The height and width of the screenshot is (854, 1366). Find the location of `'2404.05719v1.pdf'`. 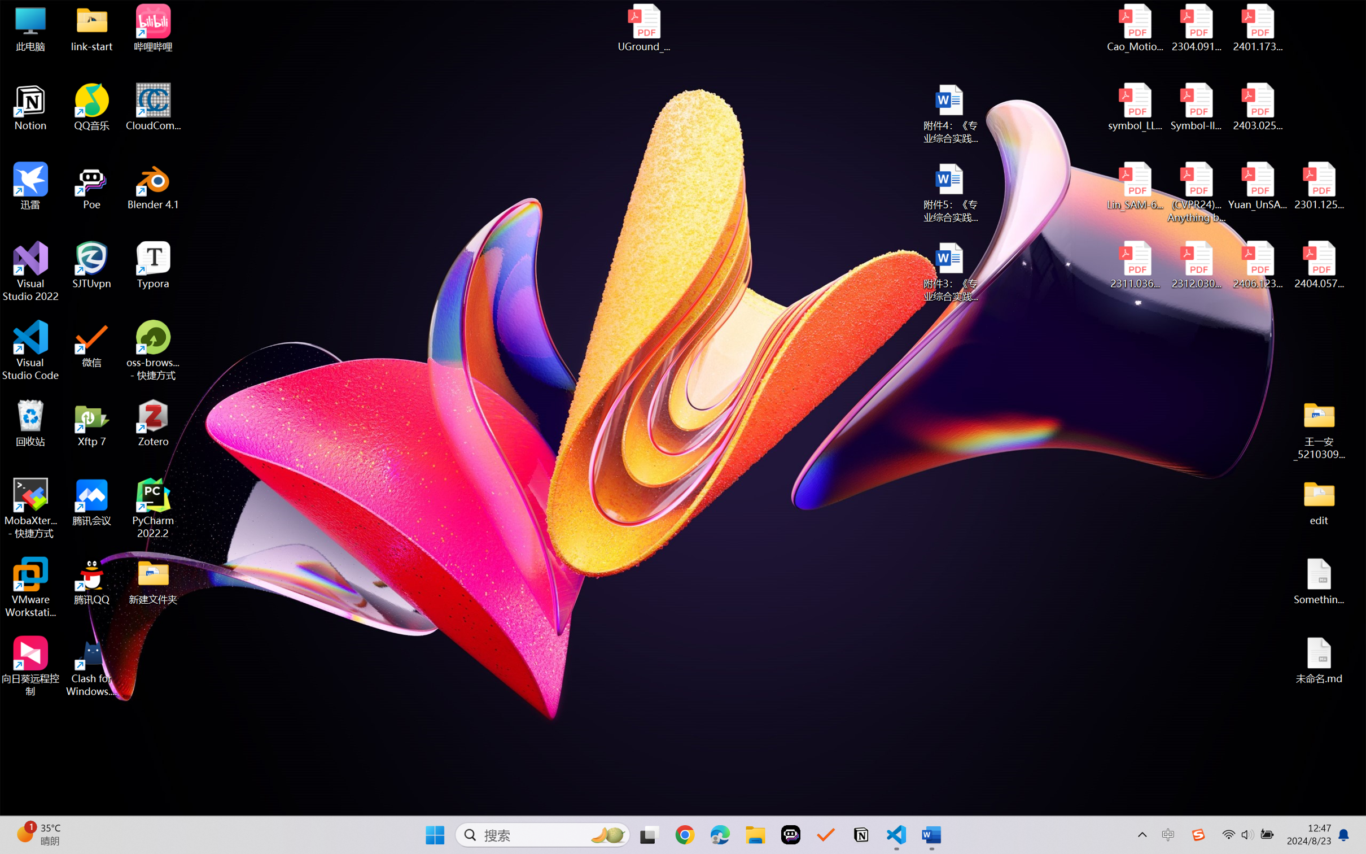

'2404.05719v1.pdf' is located at coordinates (1318, 265).